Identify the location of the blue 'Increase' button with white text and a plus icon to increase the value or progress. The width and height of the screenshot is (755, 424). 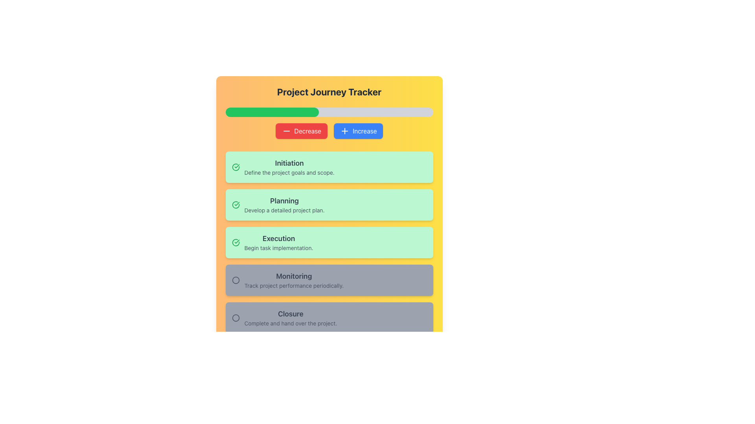
(358, 131).